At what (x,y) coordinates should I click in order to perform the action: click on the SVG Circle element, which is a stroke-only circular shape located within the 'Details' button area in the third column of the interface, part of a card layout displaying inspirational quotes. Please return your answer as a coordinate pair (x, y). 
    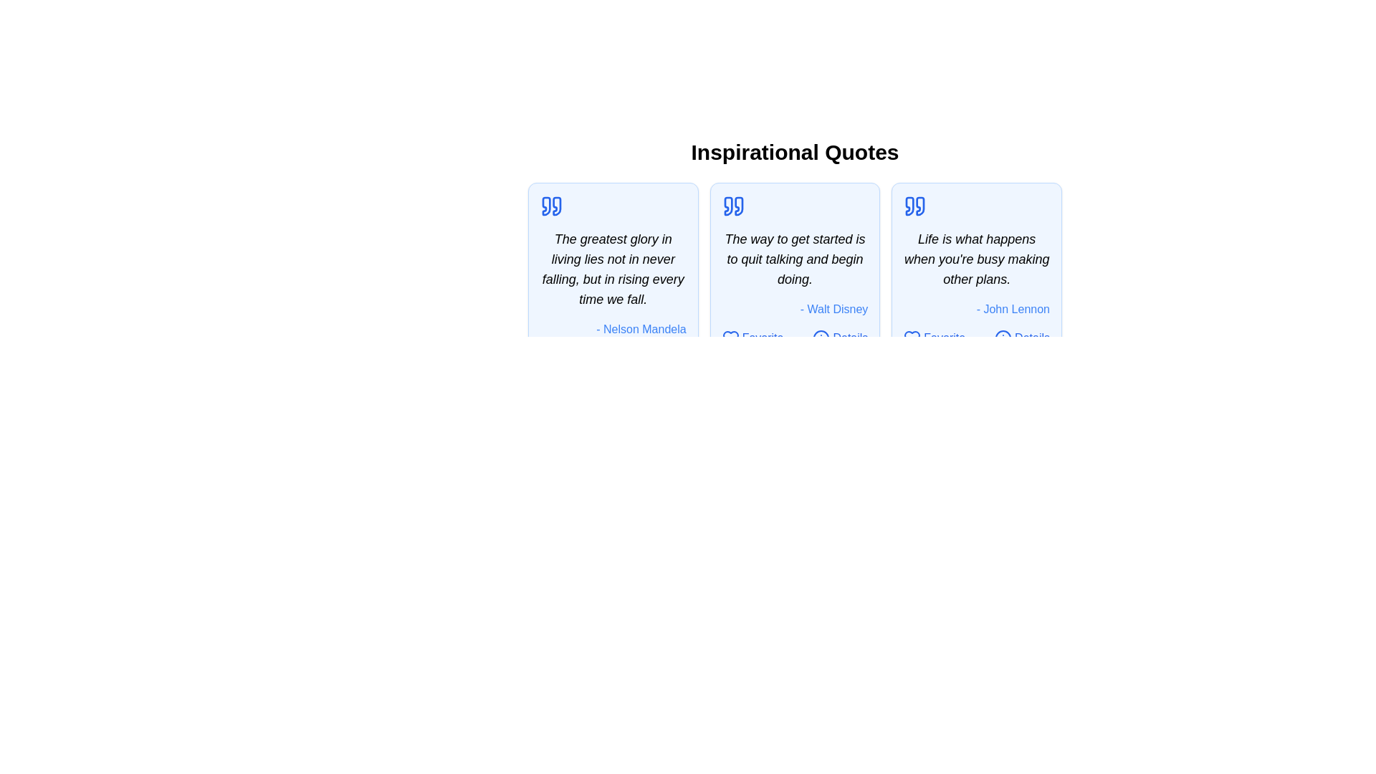
    Looking at the image, I should click on (1003, 338).